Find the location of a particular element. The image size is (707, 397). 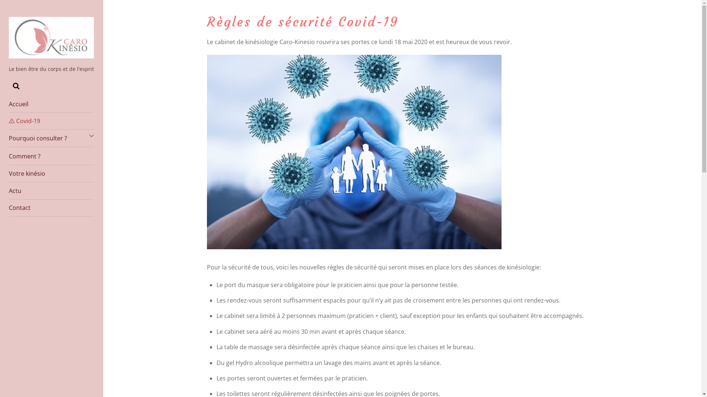

'Actu' is located at coordinates (51, 190).